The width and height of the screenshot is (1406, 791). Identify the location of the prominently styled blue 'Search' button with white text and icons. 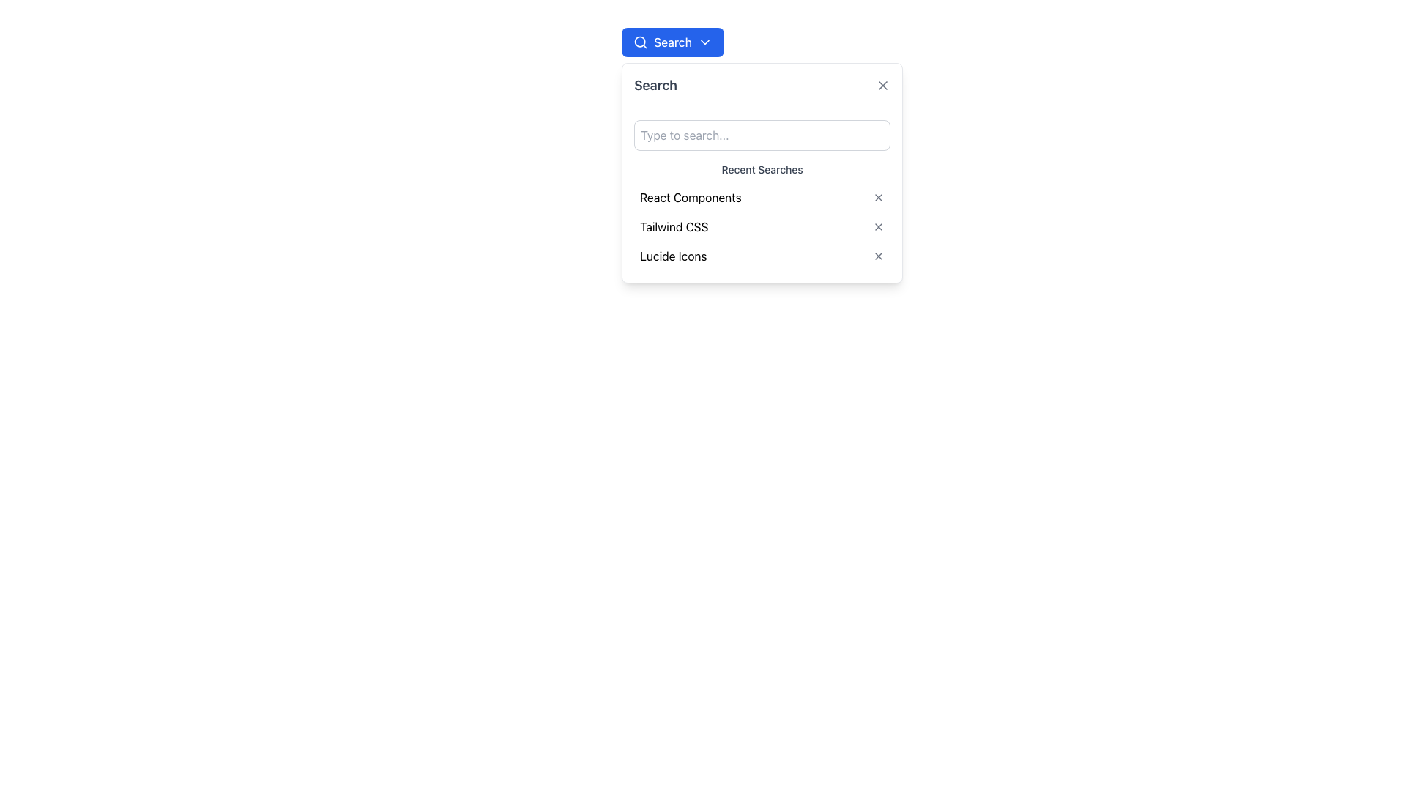
(672, 41).